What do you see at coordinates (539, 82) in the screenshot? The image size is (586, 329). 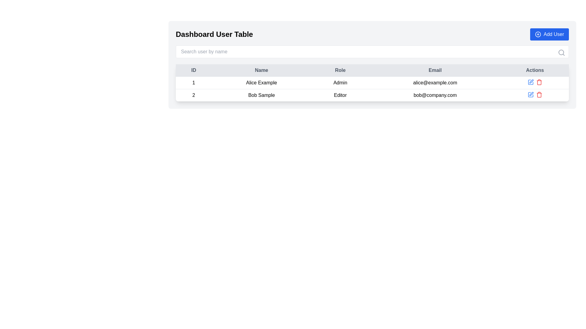 I see `the trash icon button located in the 'Actions' column of the second row of the user table` at bounding box center [539, 82].